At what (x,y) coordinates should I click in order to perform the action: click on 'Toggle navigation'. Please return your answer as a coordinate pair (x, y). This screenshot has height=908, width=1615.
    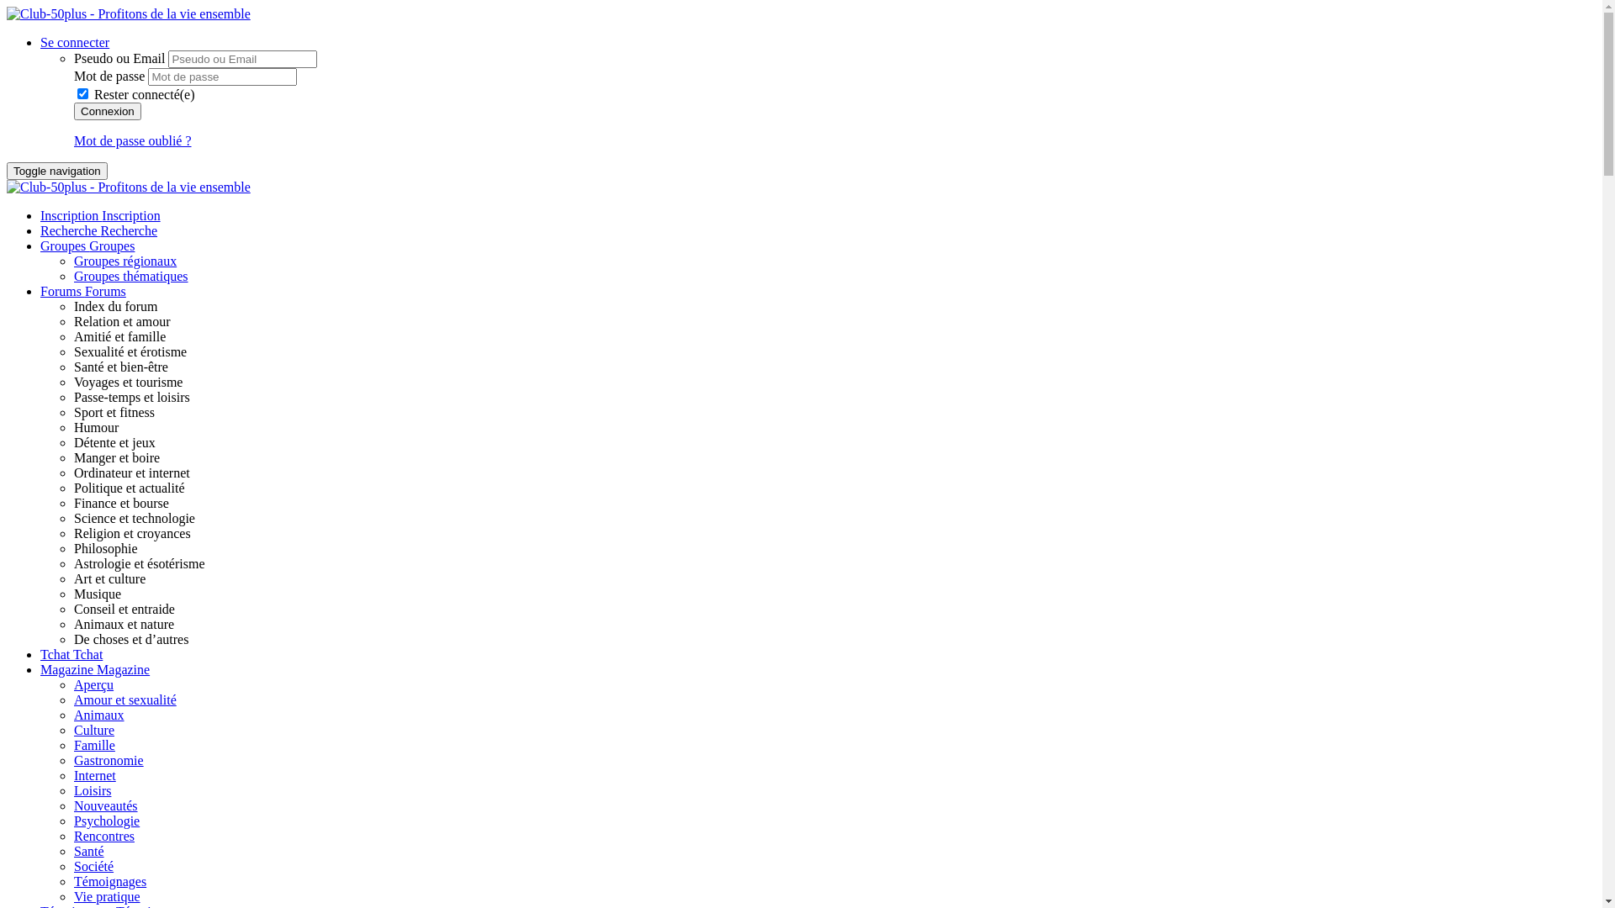
    Looking at the image, I should click on (56, 171).